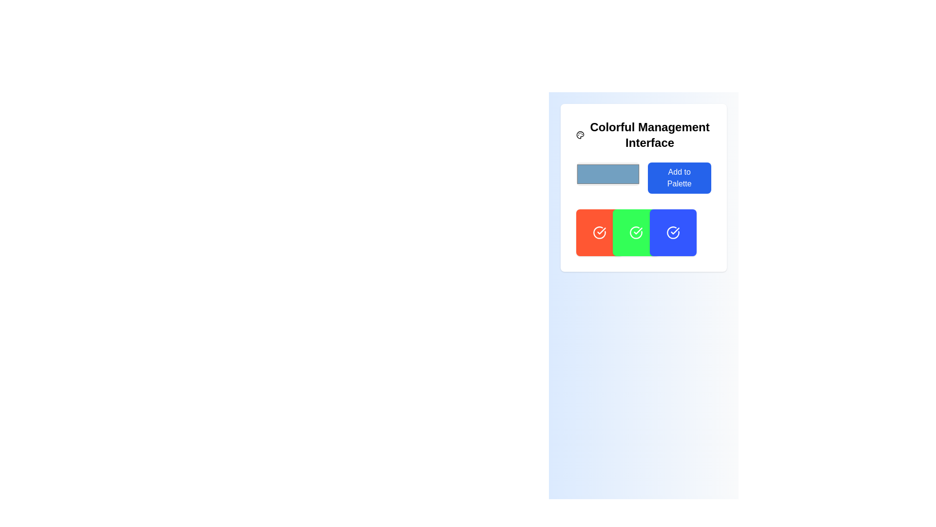  What do you see at coordinates (599, 233) in the screenshot?
I see `the leftmost circular icon` at bounding box center [599, 233].